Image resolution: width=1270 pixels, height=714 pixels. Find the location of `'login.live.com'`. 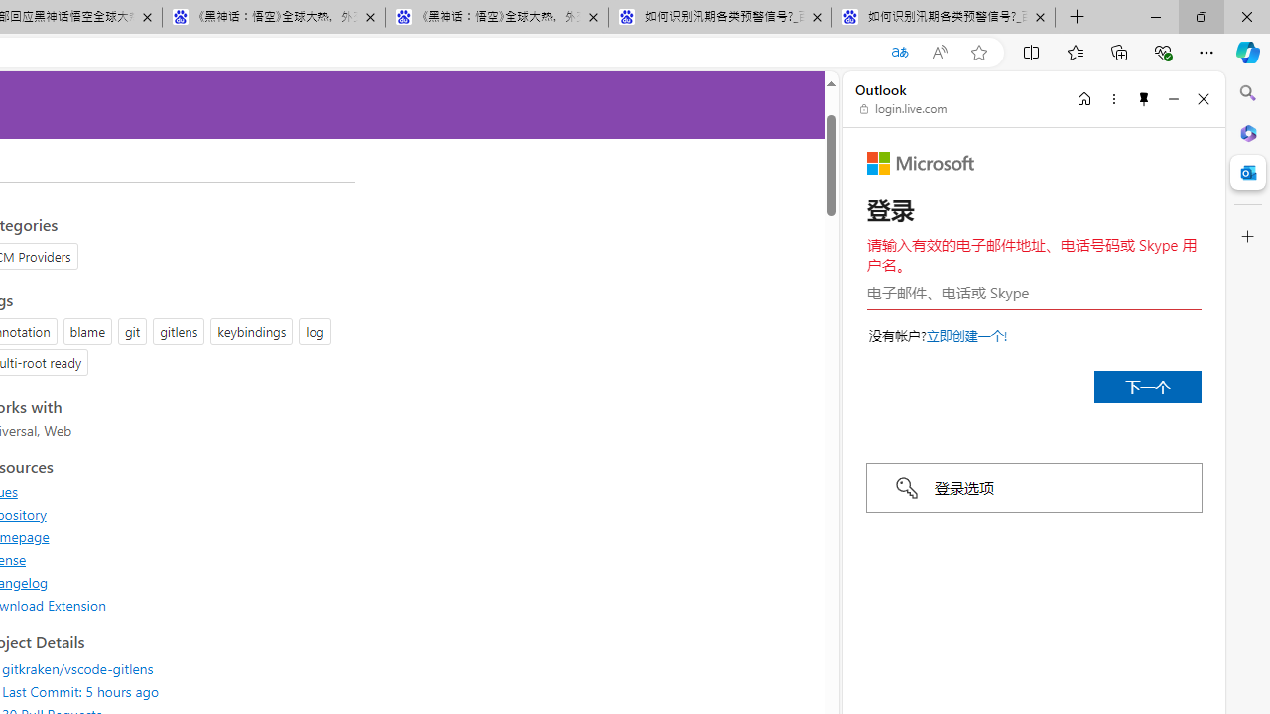

'login.live.com' is located at coordinates (903, 109).